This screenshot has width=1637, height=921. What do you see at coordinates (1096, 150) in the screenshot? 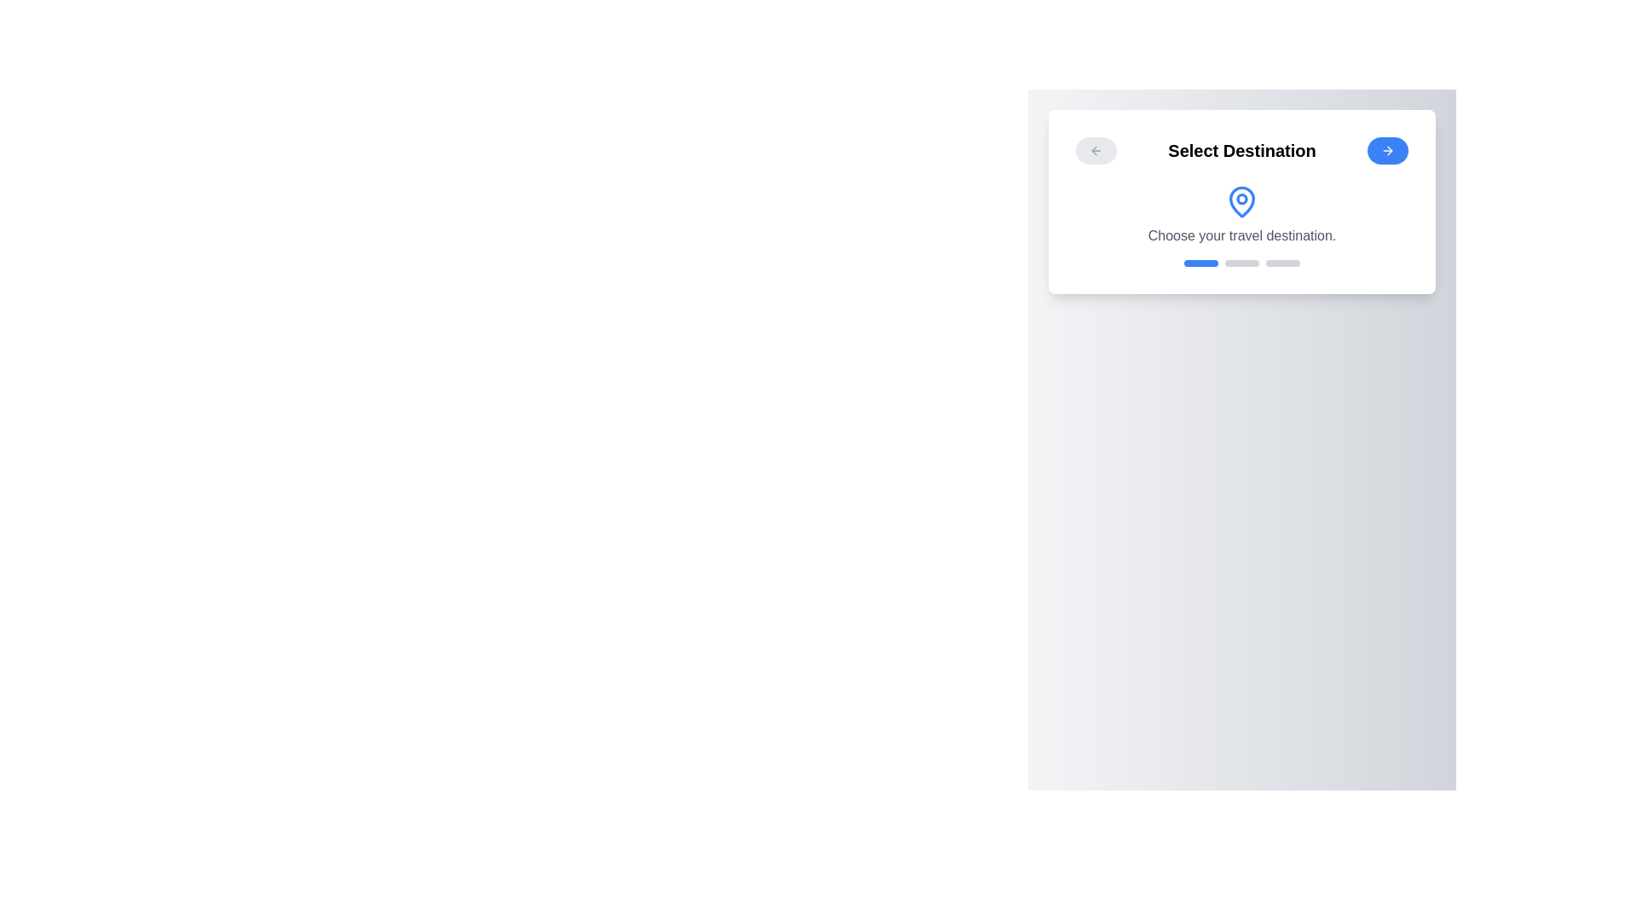
I see `the small gray circular button with a left-pointing arrow located near the title 'Select Destination'` at bounding box center [1096, 150].